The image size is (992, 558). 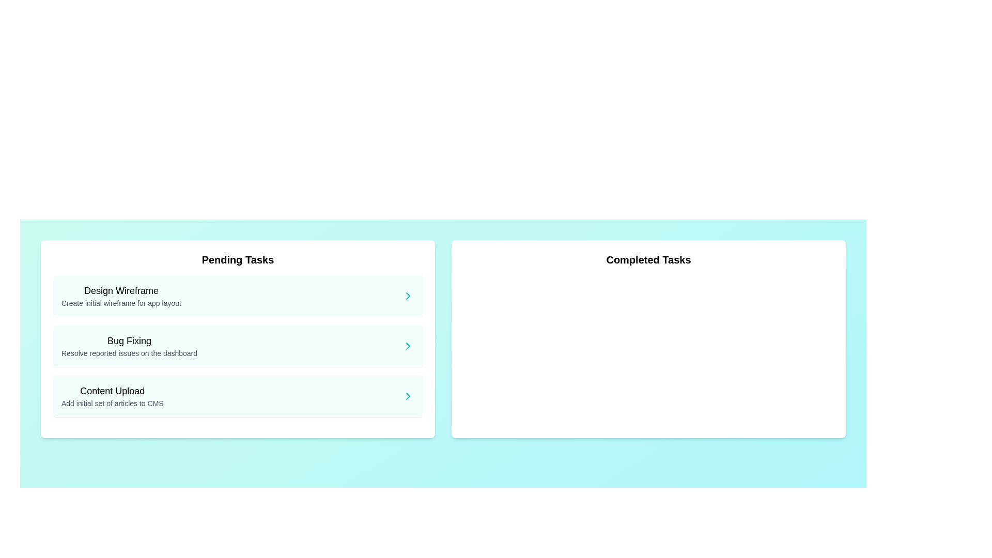 What do you see at coordinates (112, 396) in the screenshot?
I see `the static text block that presents the task title 'Content Upload' and description 'Add initial set of articles to CMS', which is the third task listed under the 'Pending Tasks' column` at bounding box center [112, 396].